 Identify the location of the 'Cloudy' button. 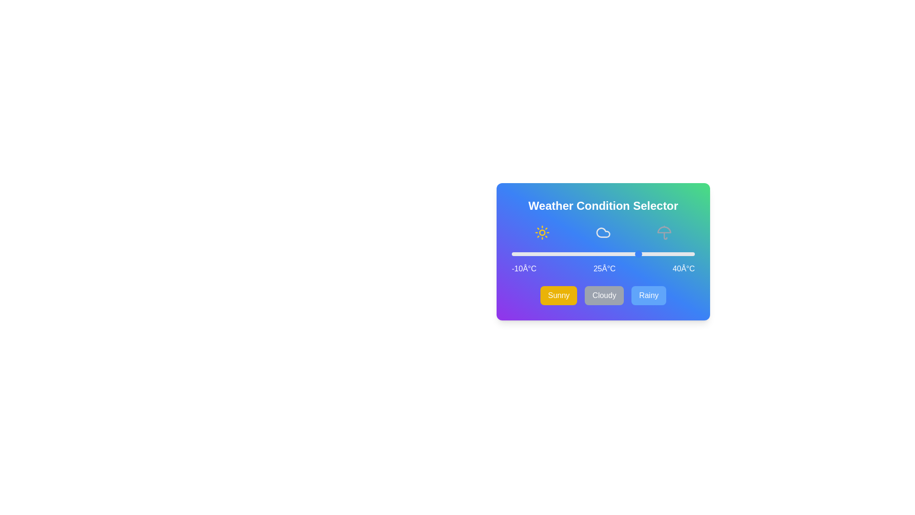
(603, 295).